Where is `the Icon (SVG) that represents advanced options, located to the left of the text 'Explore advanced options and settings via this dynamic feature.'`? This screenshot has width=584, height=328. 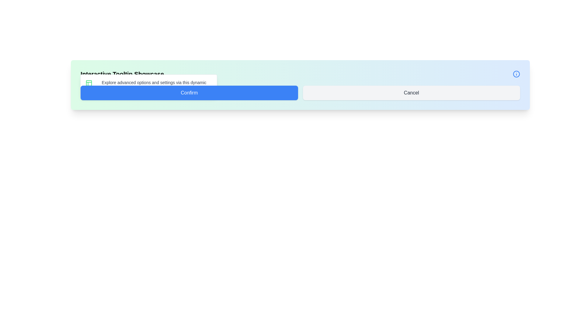 the Icon (SVG) that represents advanced options, located to the left of the text 'Explore advanced options and settings via this dynamic feature.' is located at coordinates (89, 83).